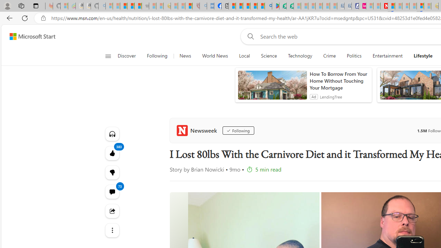  I want to click on 'Robert H. Shmerling, MD - Harvard Health - Sleeping', so click(195, 6).